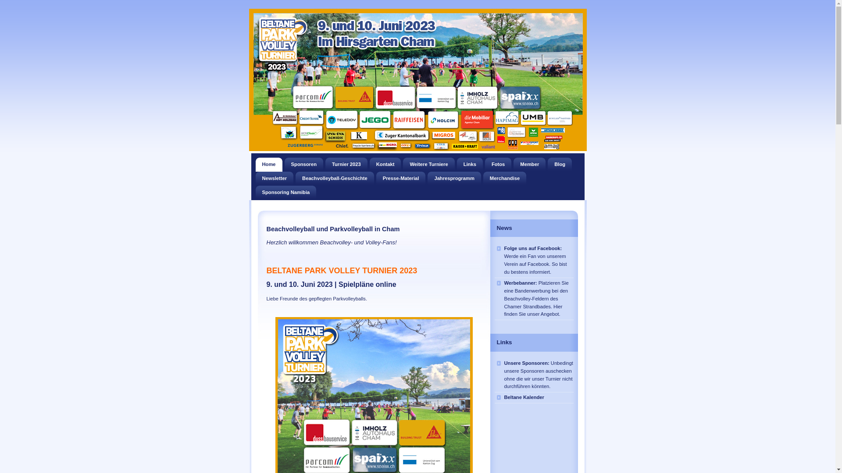 This screenshot has height=473, width=842. What do you see at coordinates (274, 178) in the screenshot?
I see `'Newsletter` at bounding box center [274, 178].